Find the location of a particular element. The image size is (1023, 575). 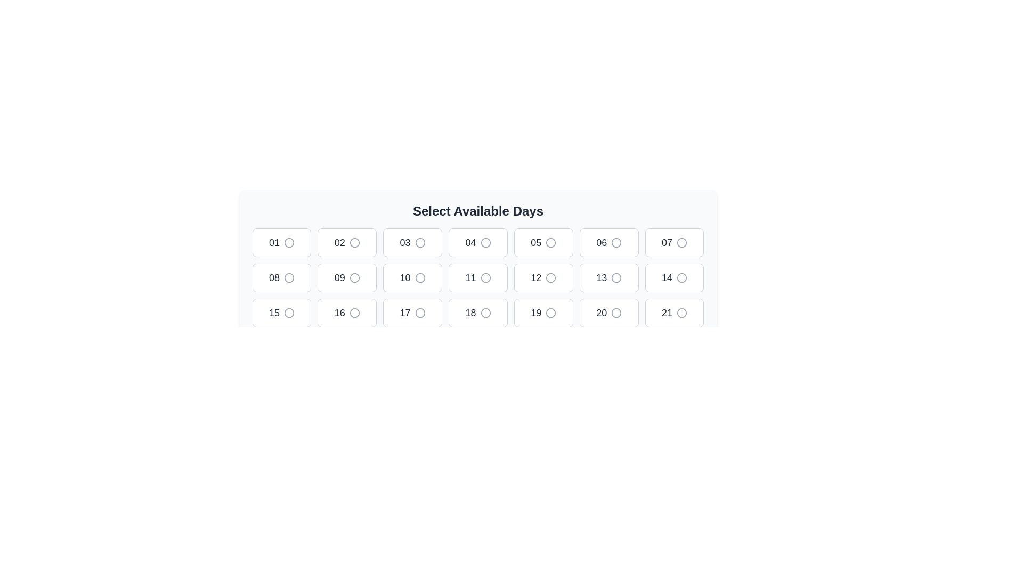

the Selectable button labeled '10' located in the grid layout is located at coordinates (412, 277).